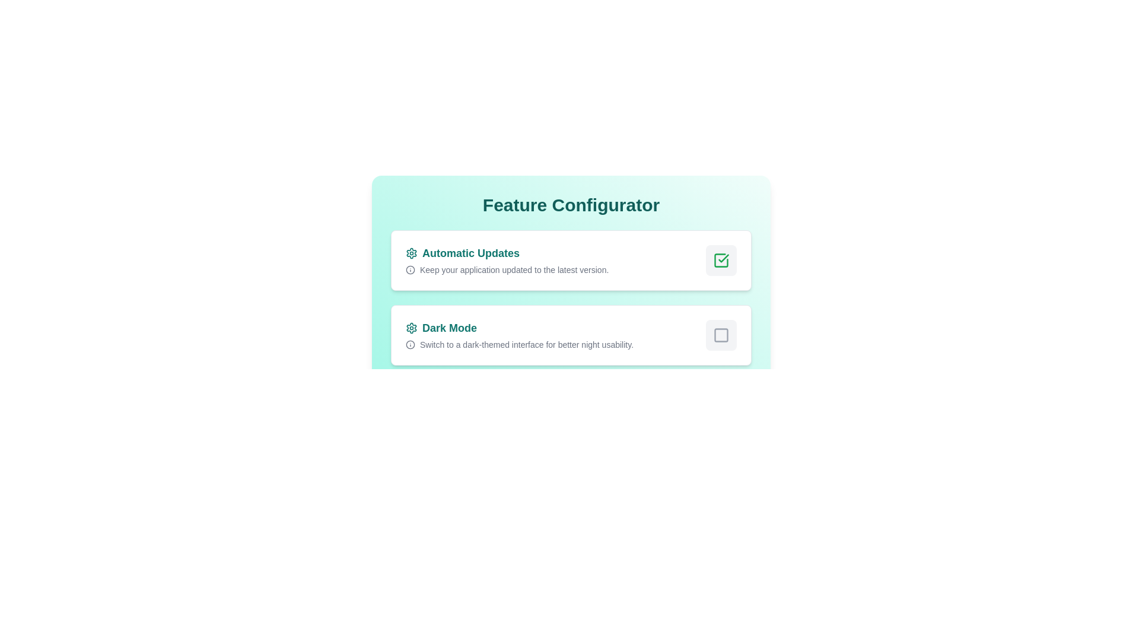 This screenshot has height=641, width=1139. Describe the element at coordinates (520, 345) in the screenshot. I see `the Text Label providing additional information about the 'Dark Mode' feature, which is positioned below the 'Dark Mode' label in a vertically stacked layout` at that location.